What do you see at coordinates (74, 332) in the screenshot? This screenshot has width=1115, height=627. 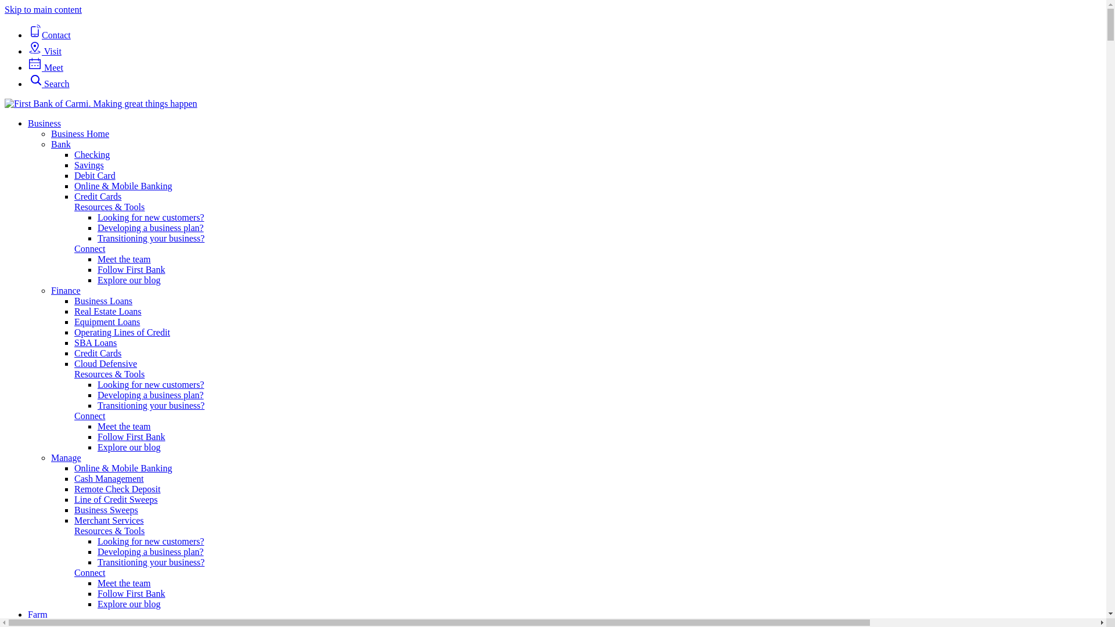 I see `'Operating Lines of Credit'` at bounding box center [74, 332].